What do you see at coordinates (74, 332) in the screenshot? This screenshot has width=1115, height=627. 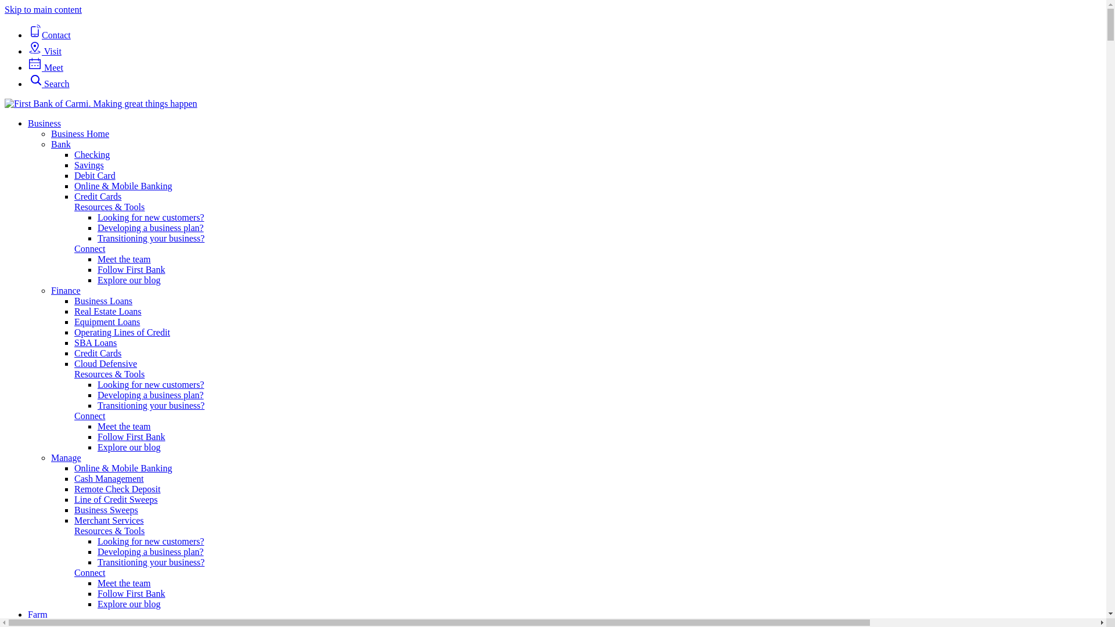 I see `'Operating Lines of Credit'` at bounding box center [74, 332].